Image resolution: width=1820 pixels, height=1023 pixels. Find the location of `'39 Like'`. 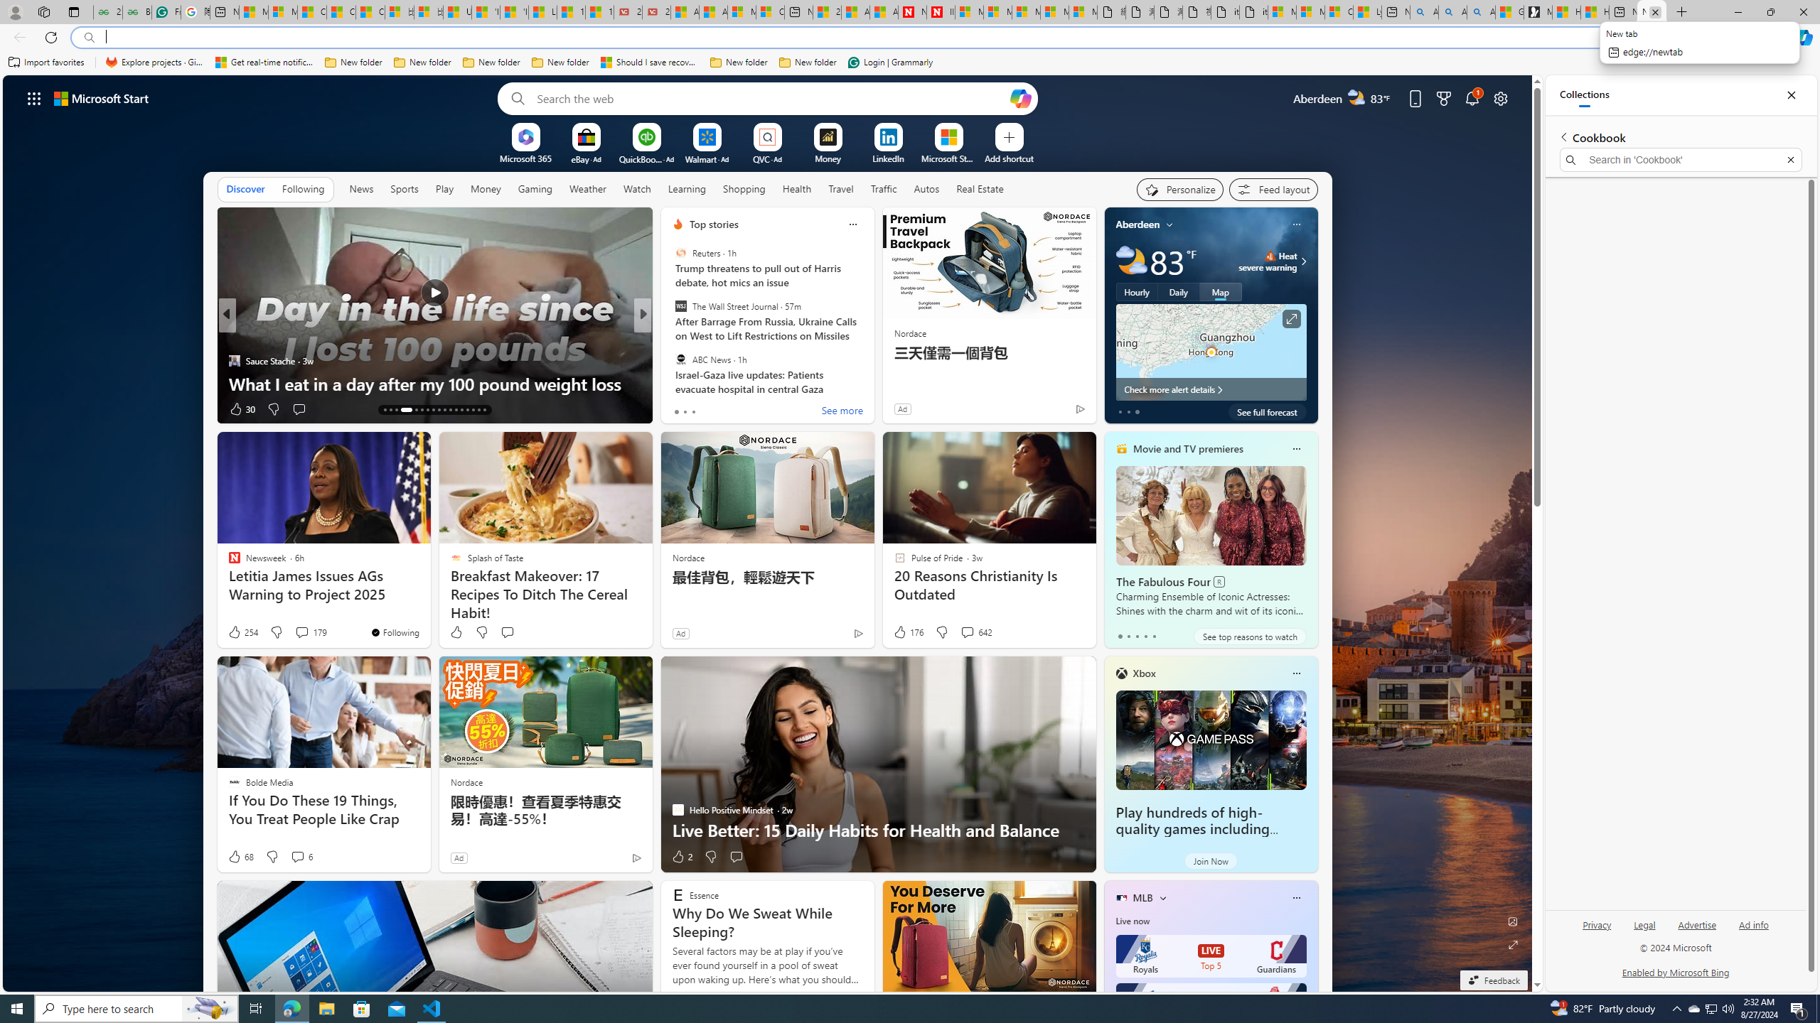

'39 Like' is located at coordinates (679, 408).